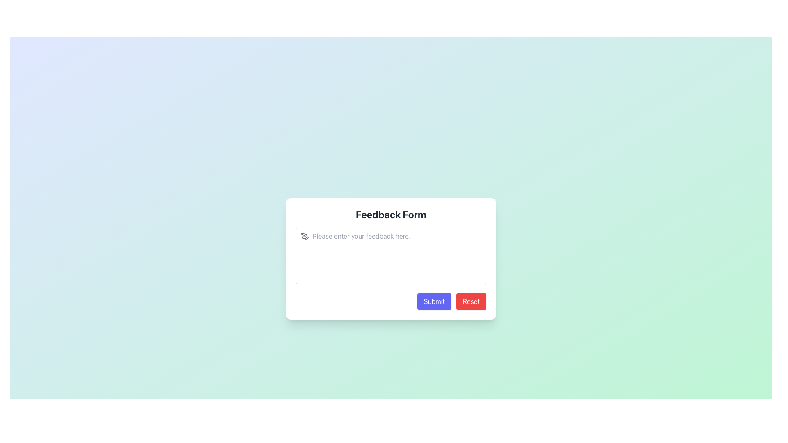 Image resolution: width=788 pixels, height=443 pixels. What do you see at coordinates (305, 237) in the screenshot?
I see `the Pen Tool icon located at the top-left corner of the feedback input area, which is styled with a gray hue and positioned beside the placeholder text 'Please enter your feedback here.'` at bounding box center [305, 237].